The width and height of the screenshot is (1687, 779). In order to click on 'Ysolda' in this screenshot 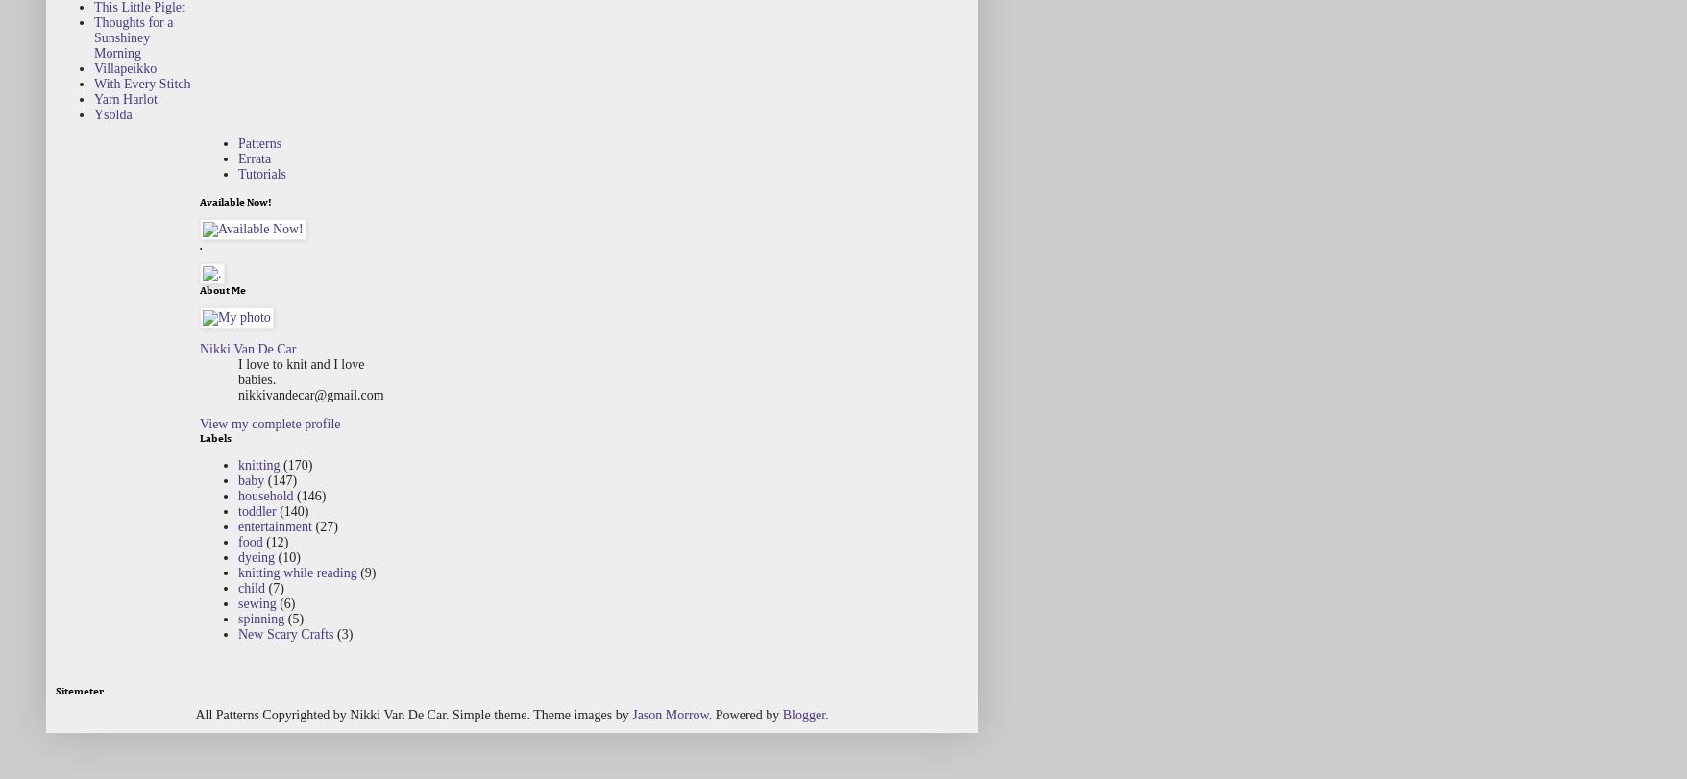, I will do `click(111, 113)`.